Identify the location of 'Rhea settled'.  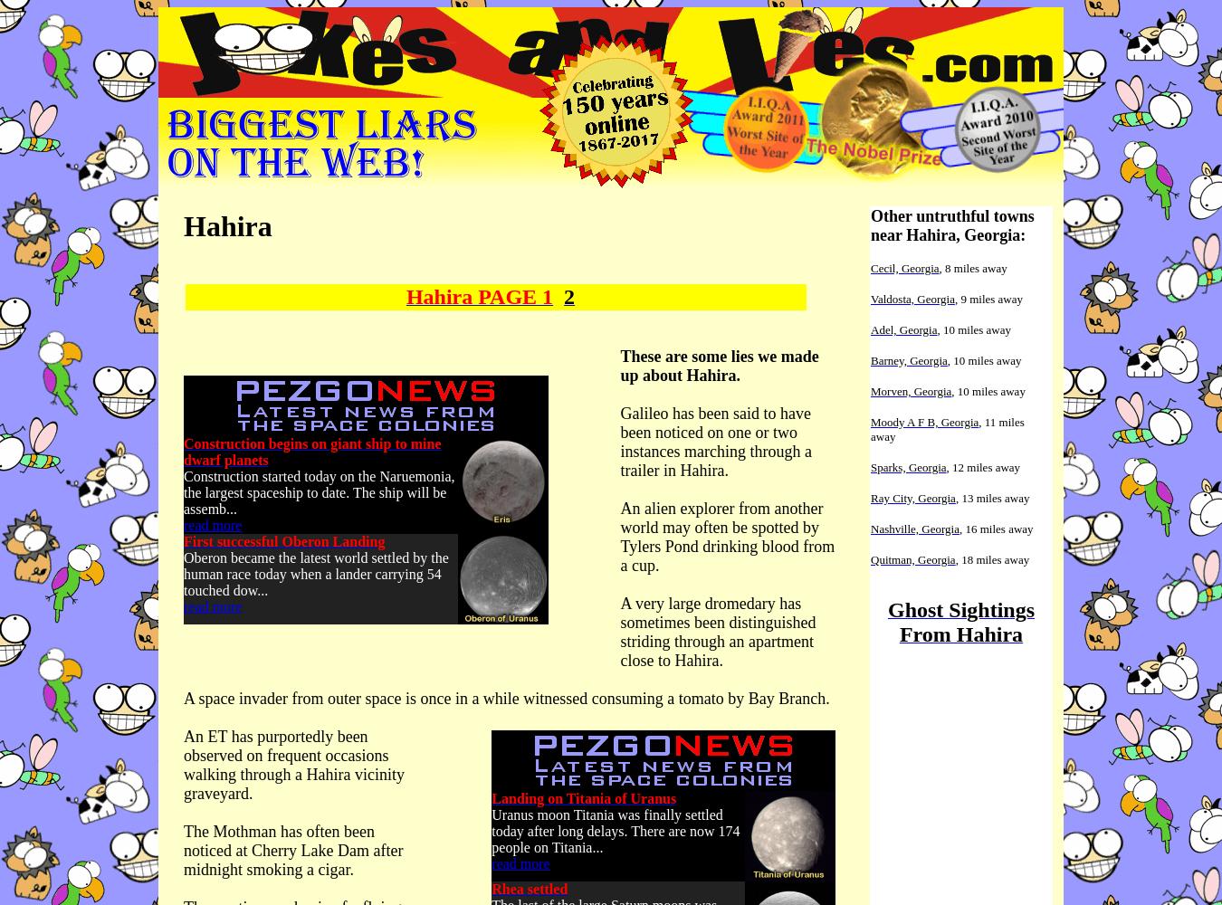
(529, 888).